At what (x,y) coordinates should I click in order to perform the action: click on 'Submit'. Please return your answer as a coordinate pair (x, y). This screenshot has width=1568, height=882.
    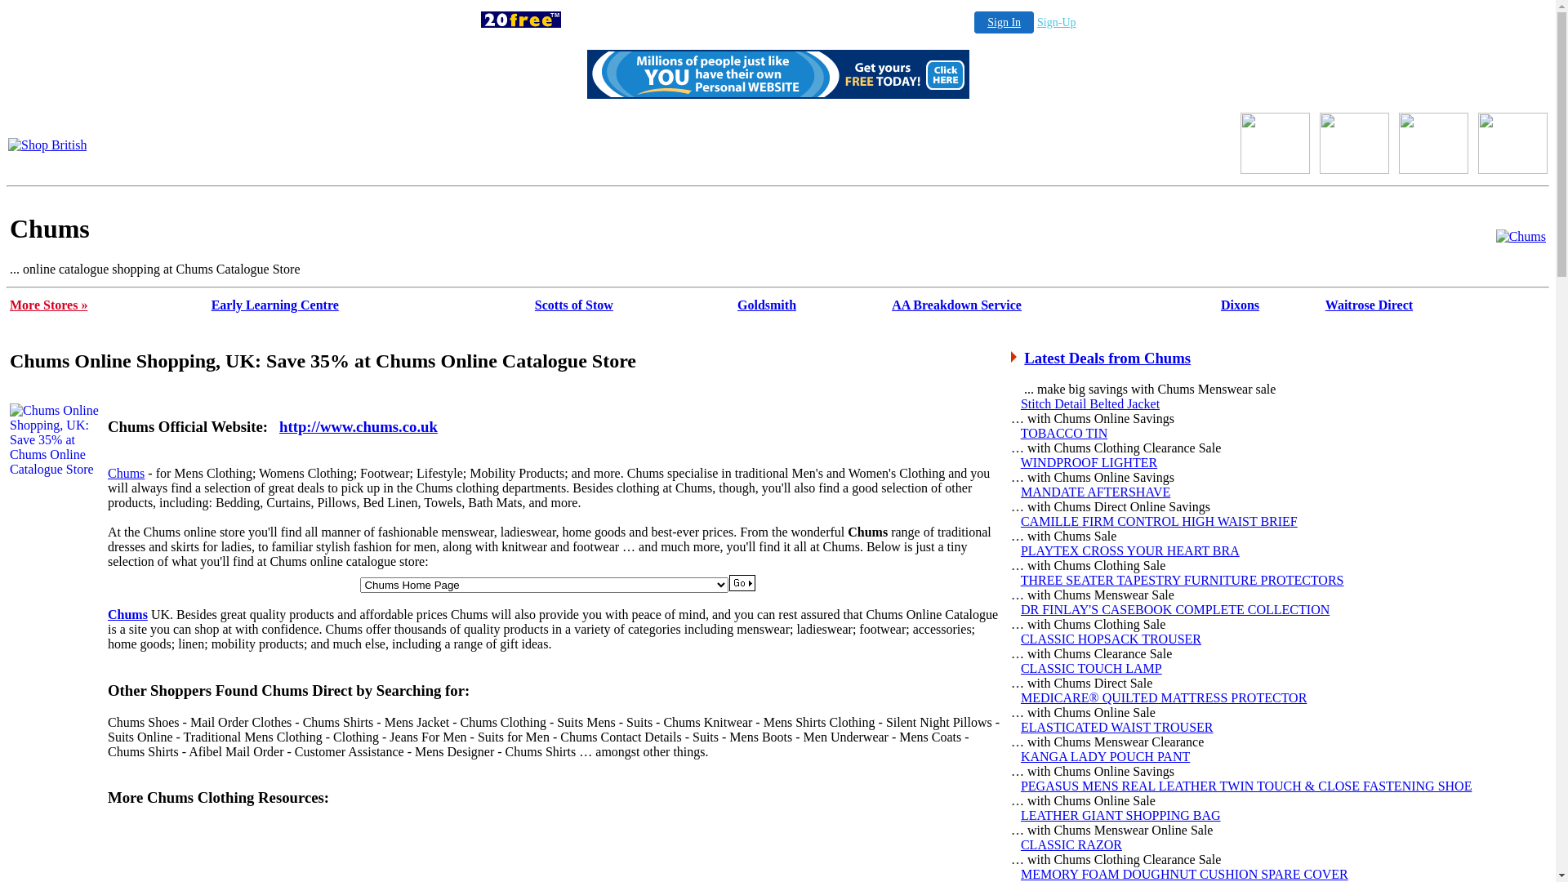
    Looking at the image, I should click on (728, 581).